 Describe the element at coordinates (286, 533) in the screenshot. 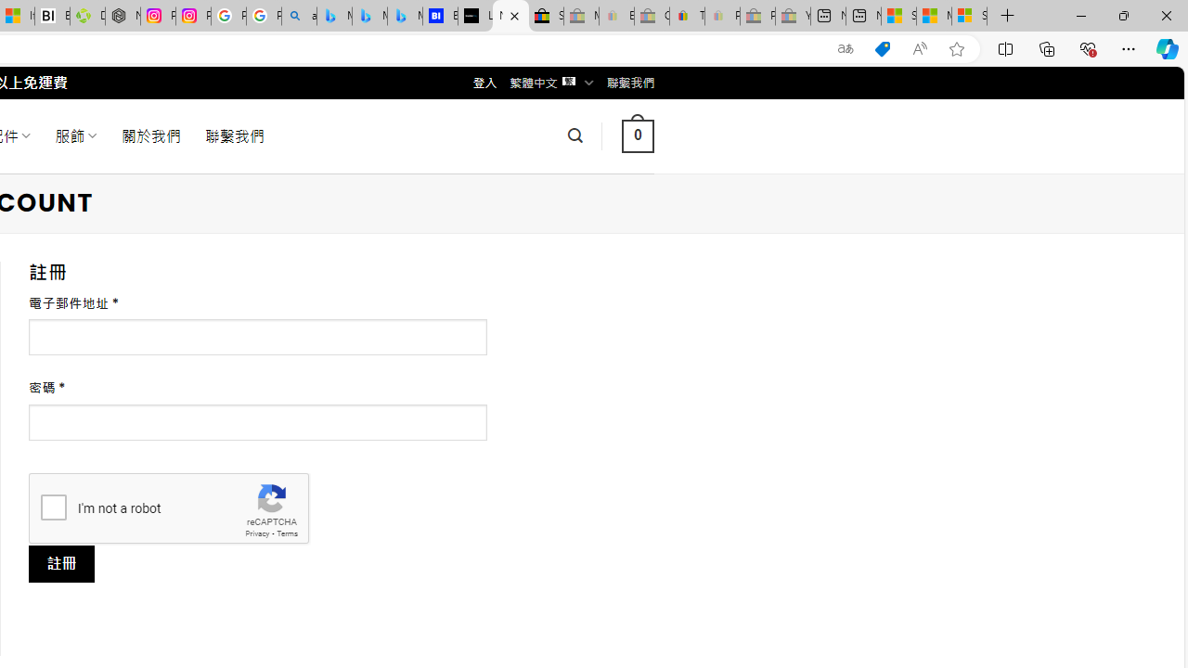

I see `'Terms'` at that location.